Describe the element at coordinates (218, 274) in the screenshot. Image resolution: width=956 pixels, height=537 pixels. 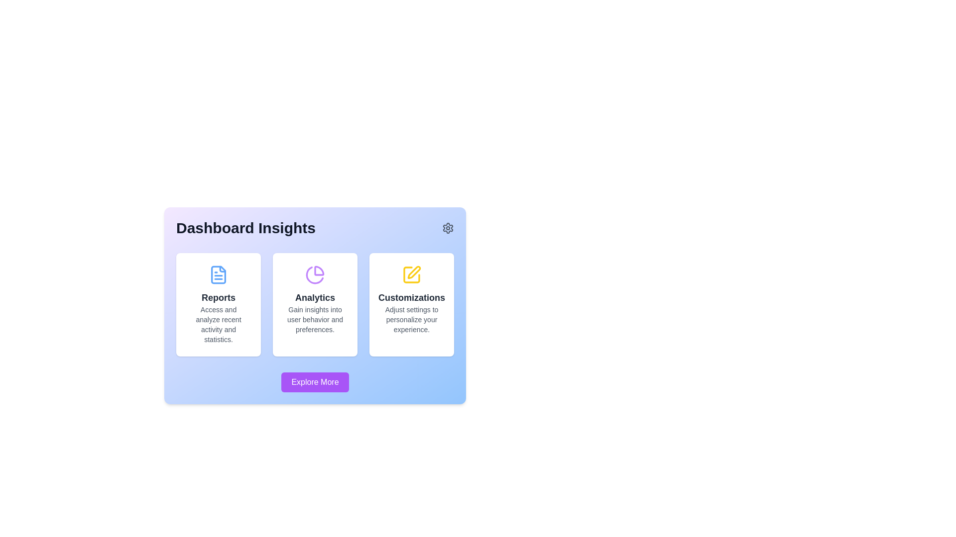
I see `the blue file-like icon within the 'Reports' card in the 'Dashboard Insights' layout for information` at that location.